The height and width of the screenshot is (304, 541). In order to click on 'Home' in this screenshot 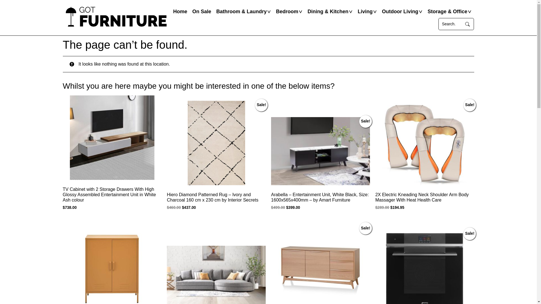, I will do `click(179, 12)`.